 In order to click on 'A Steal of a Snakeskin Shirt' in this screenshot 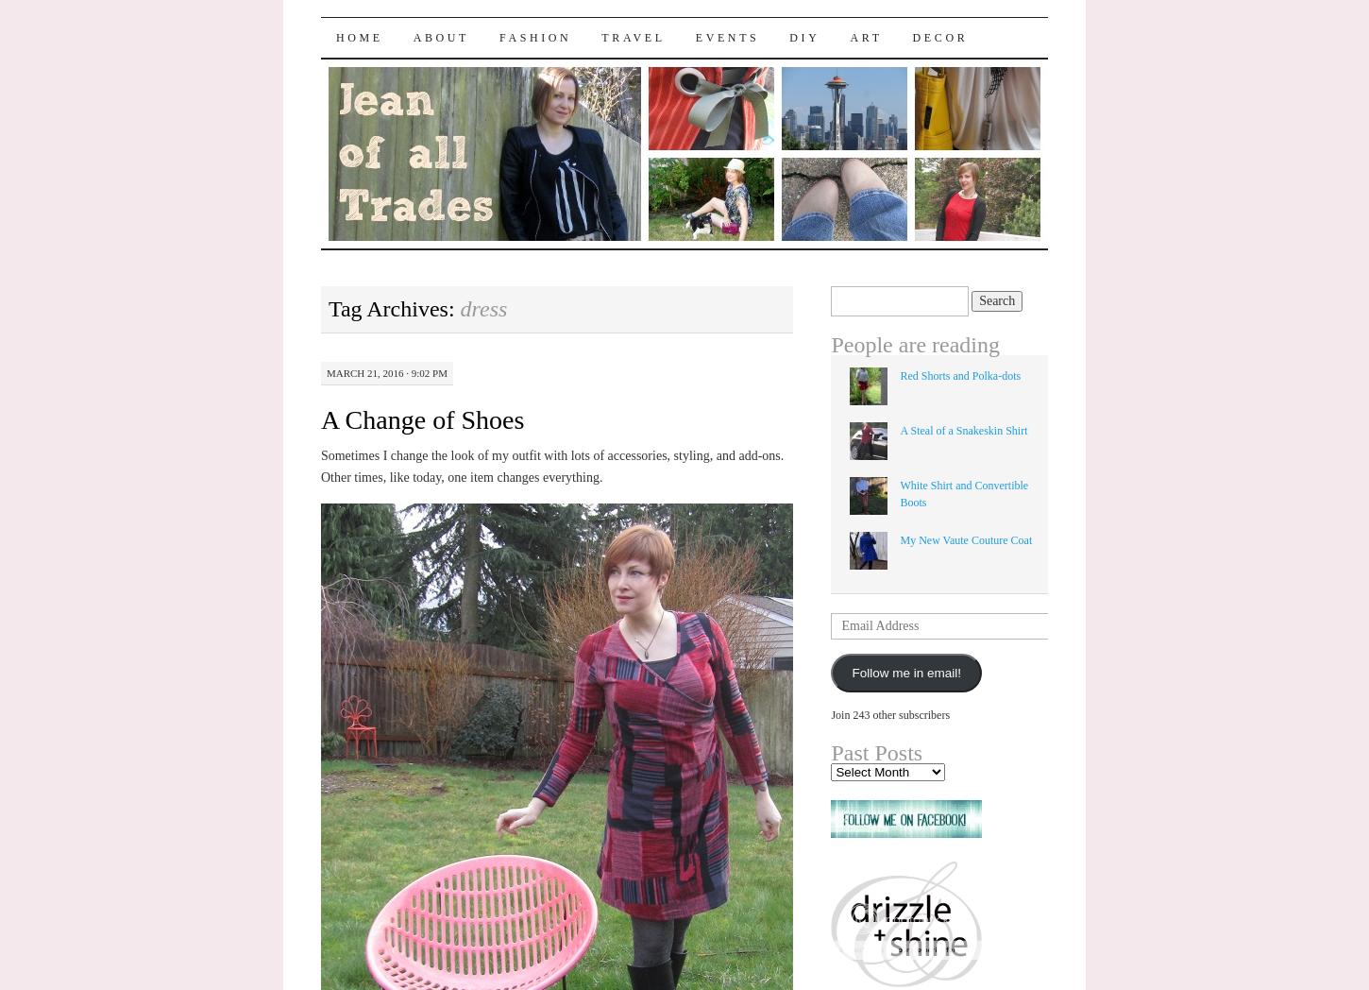, I will do `click(963, 429)`.